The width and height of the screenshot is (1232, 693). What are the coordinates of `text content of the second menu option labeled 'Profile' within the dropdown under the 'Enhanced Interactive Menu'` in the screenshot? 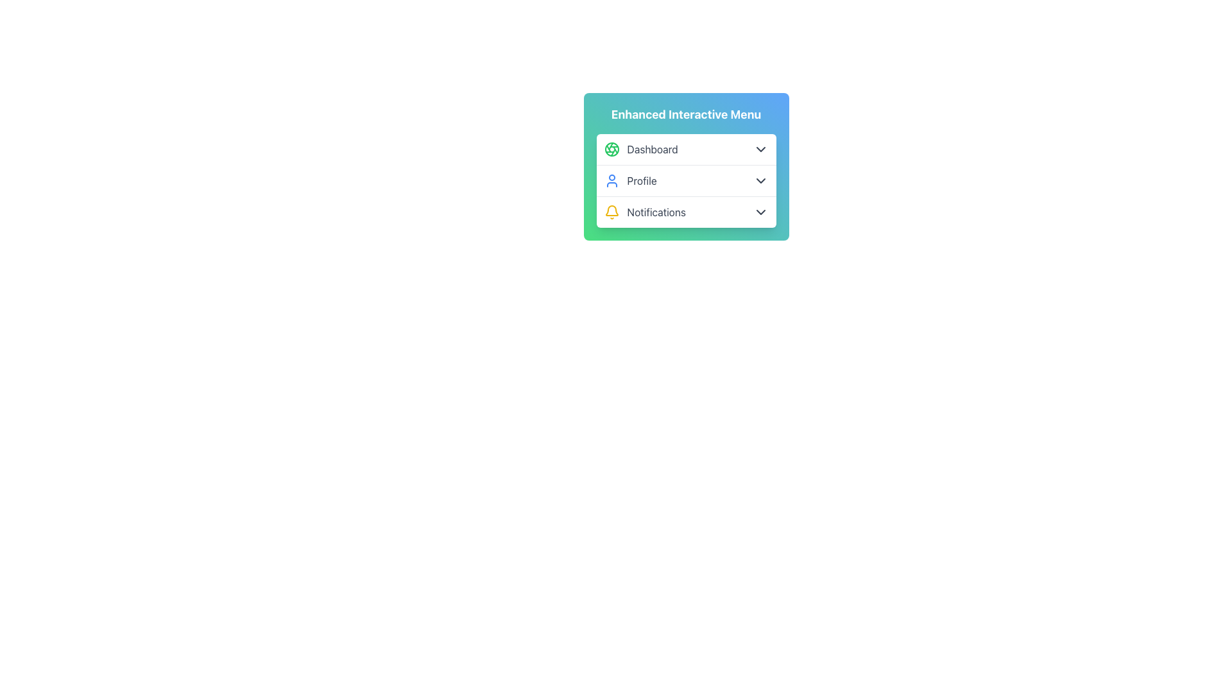 It's located at (642, 180).